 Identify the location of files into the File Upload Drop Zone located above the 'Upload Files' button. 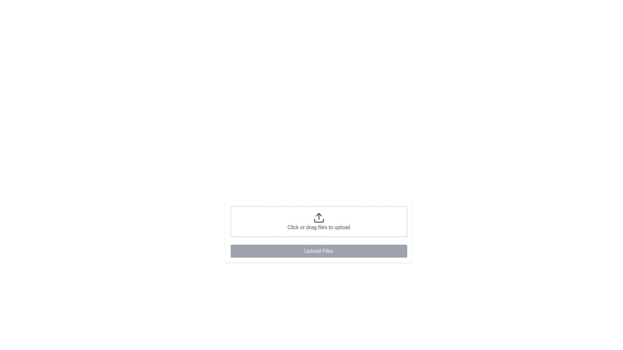
(319, 221).